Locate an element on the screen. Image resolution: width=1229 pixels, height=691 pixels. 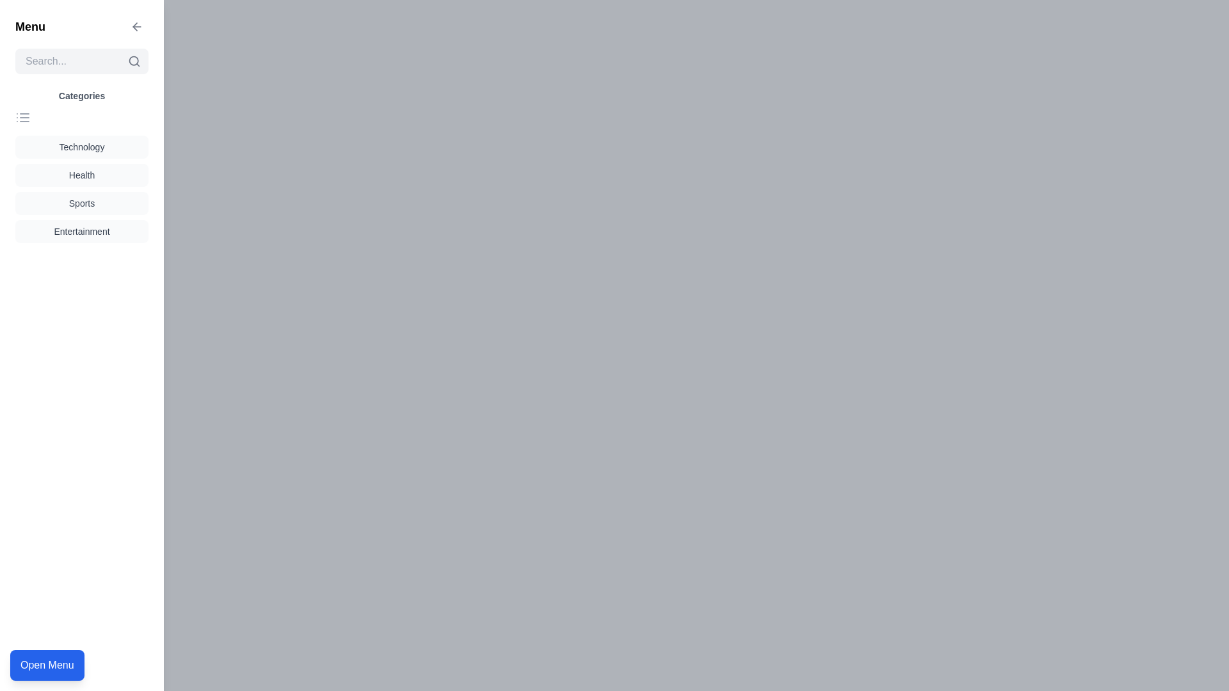
the 'Health' category button located in the left sidebar is located at coordinates (81, 175).